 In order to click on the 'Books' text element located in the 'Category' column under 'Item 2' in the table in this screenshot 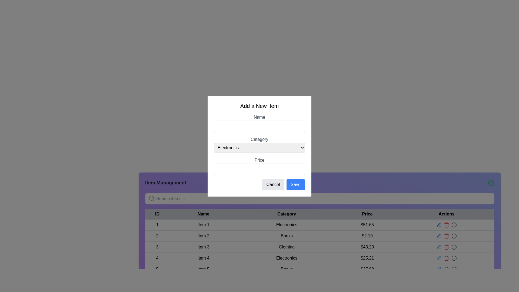, I will do `click(286, 235)`.